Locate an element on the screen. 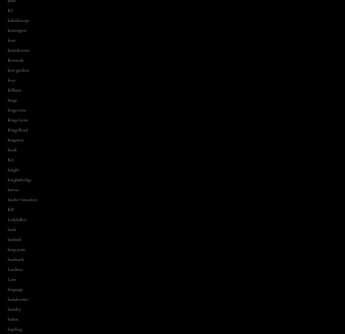 The height and width of the screenshot is (334, 345). 'kent' is located at coordinates (12, 40).